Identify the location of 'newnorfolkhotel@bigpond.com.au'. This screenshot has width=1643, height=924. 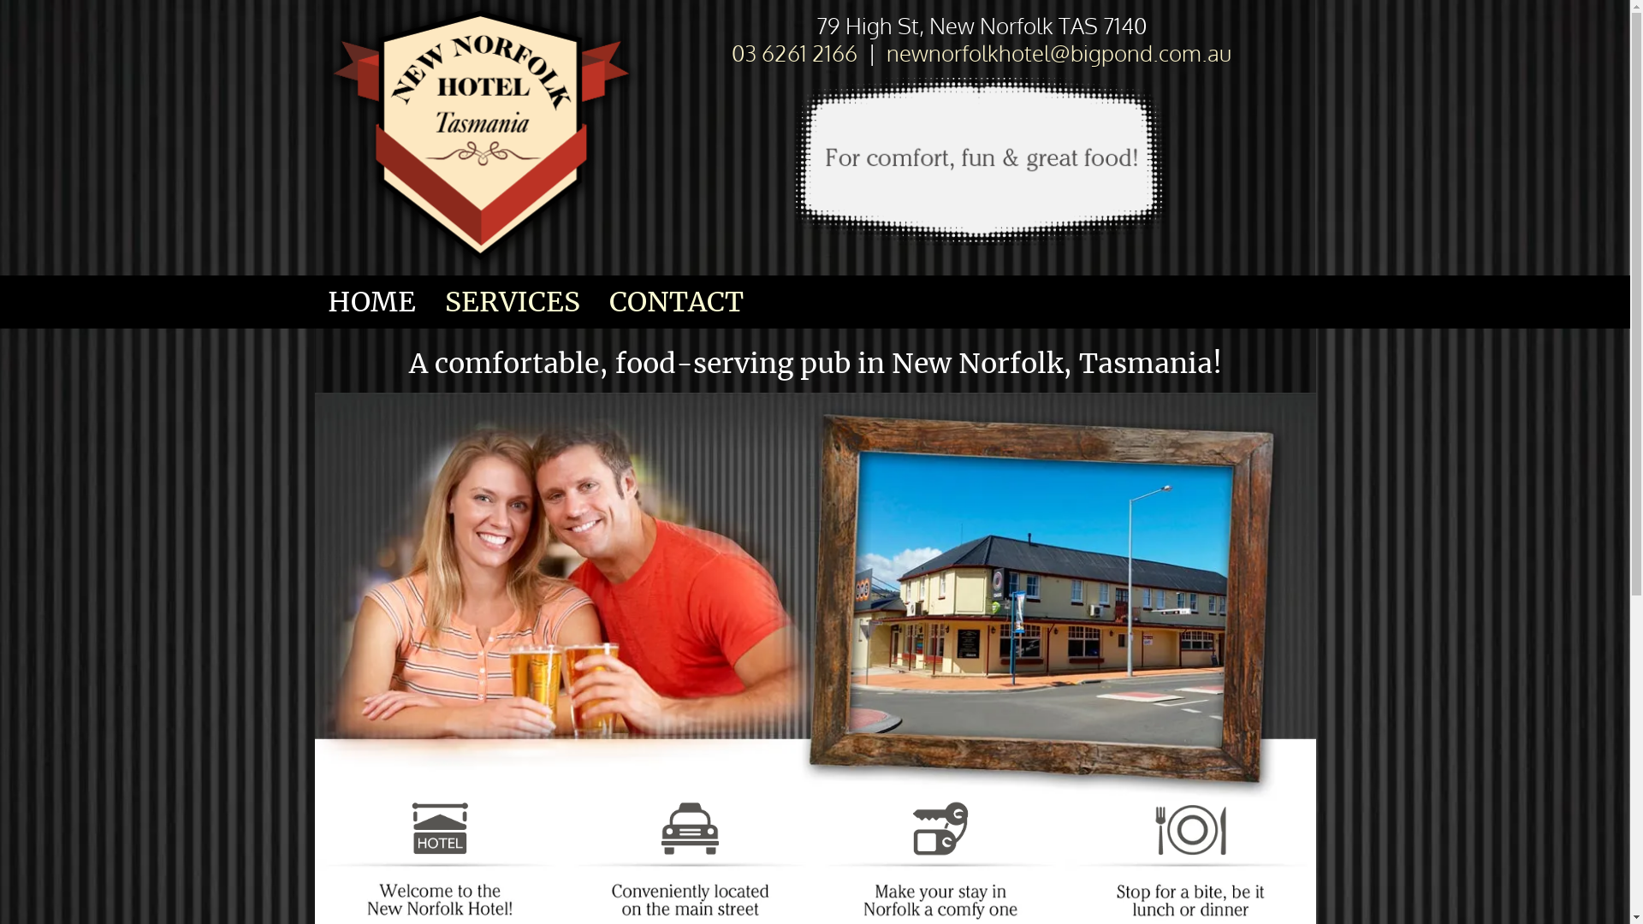
(1058, 51).